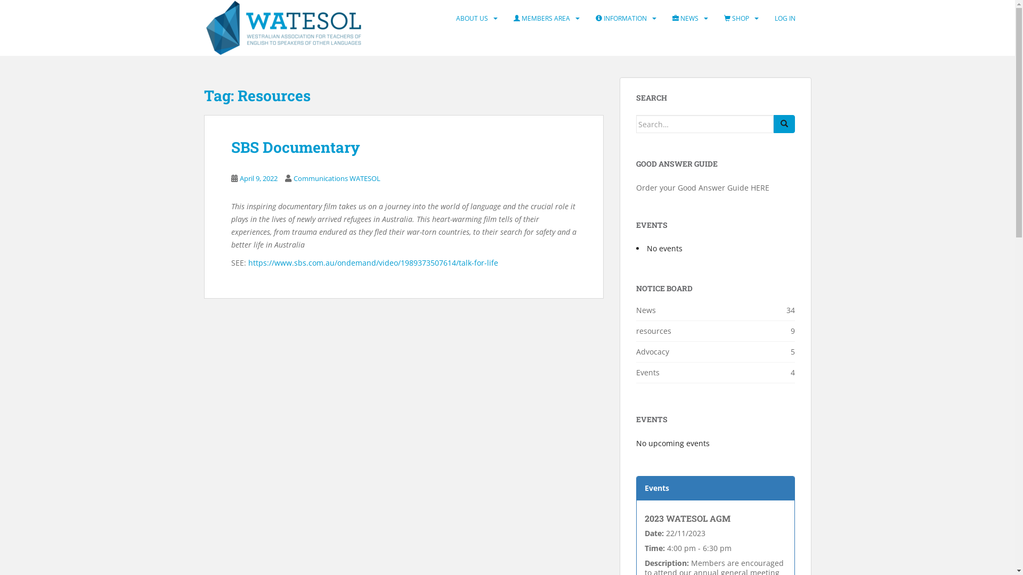 Image resolution: width=1023 pixels, height=575 pixels. I want to click on 'ABOUT US', so click(472, 18).